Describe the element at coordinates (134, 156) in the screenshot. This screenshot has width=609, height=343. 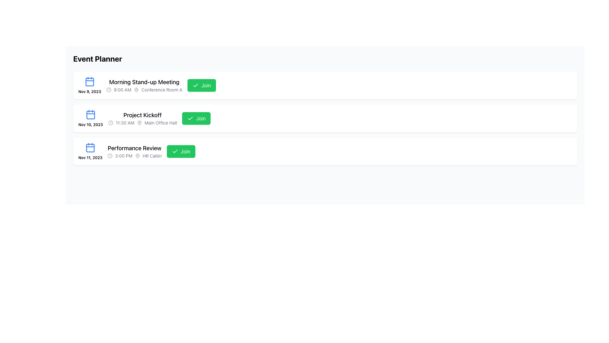
I see `displayed information from the informative label with the text '3:00 PM HR Cabin' located below the 'Performance Review' title and next to the 'Join' button` at that location.